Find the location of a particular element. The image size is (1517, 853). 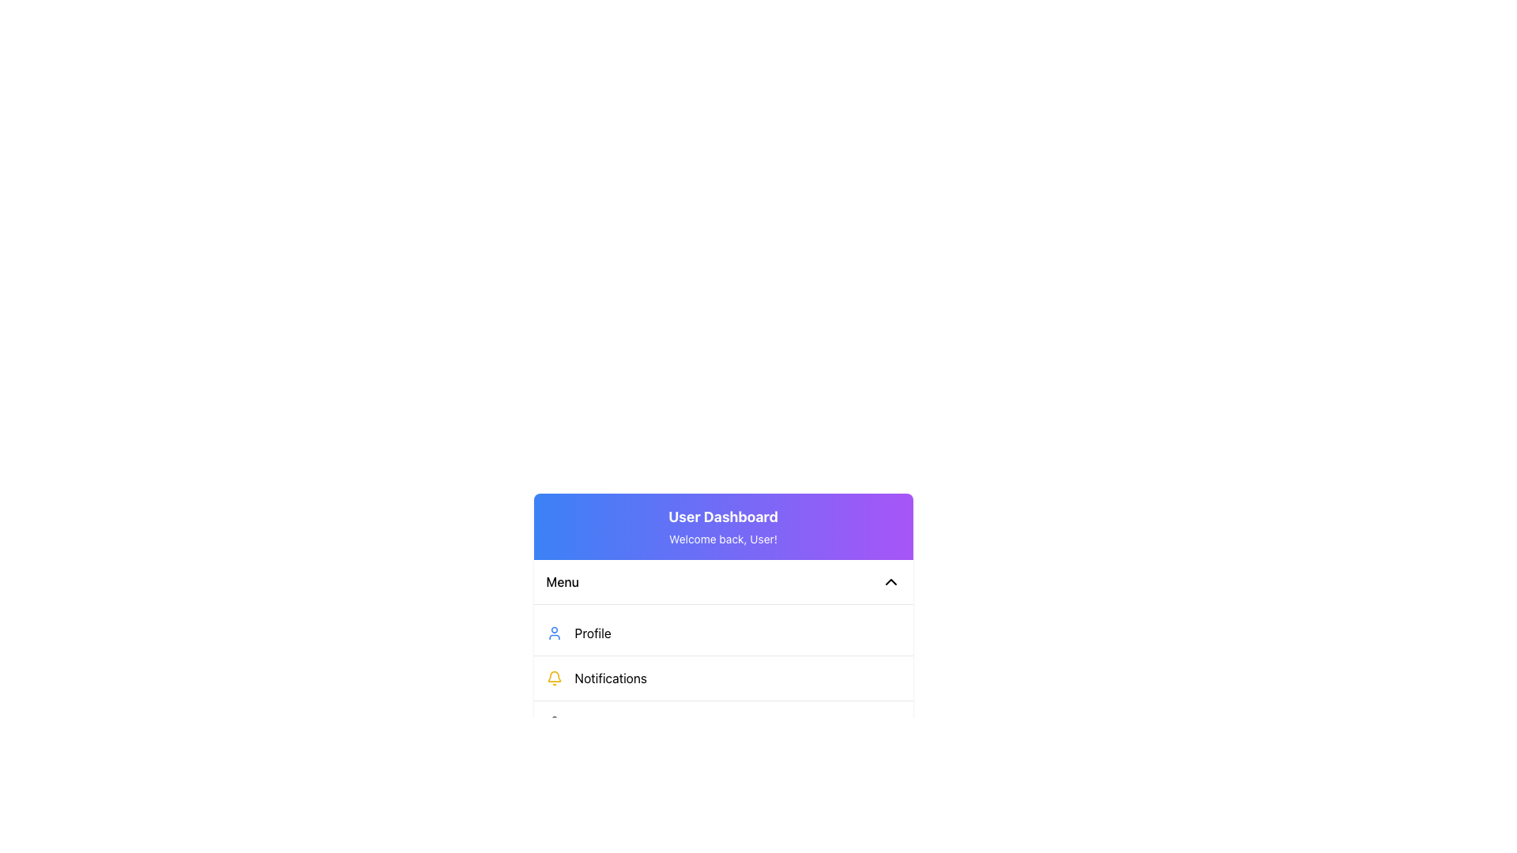

the text label that reads 'Welcome back, User!', which is styled with a smaller font size and positioned beneath the bold section header 'User Dashboard' is located at coordinates (722, 538).